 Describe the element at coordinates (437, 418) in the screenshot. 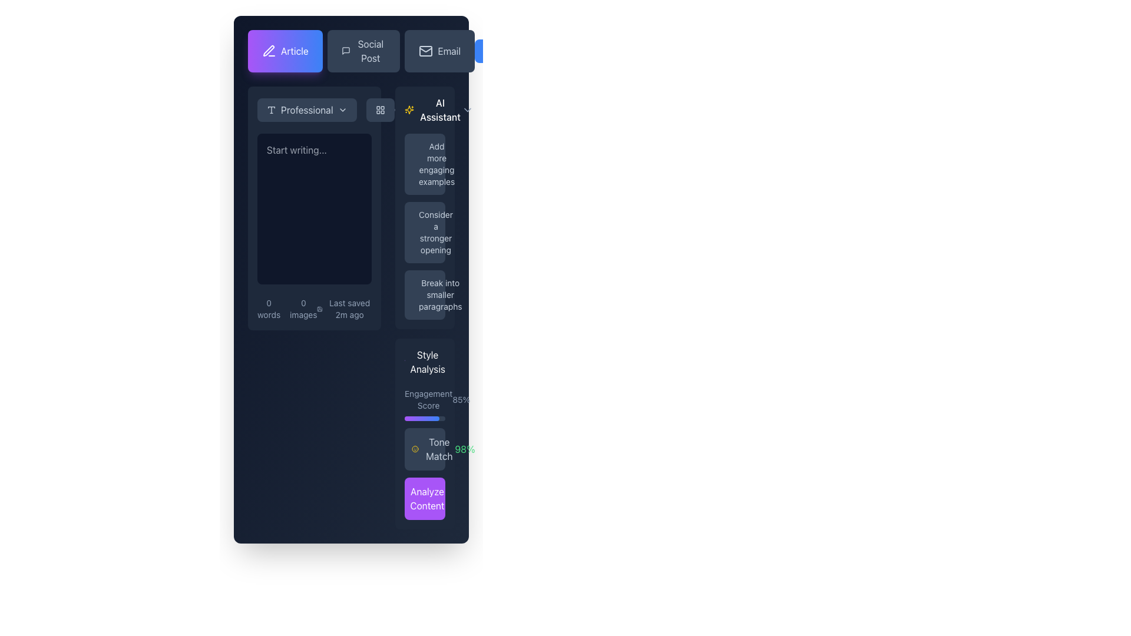

I see `the progression value` at that location.